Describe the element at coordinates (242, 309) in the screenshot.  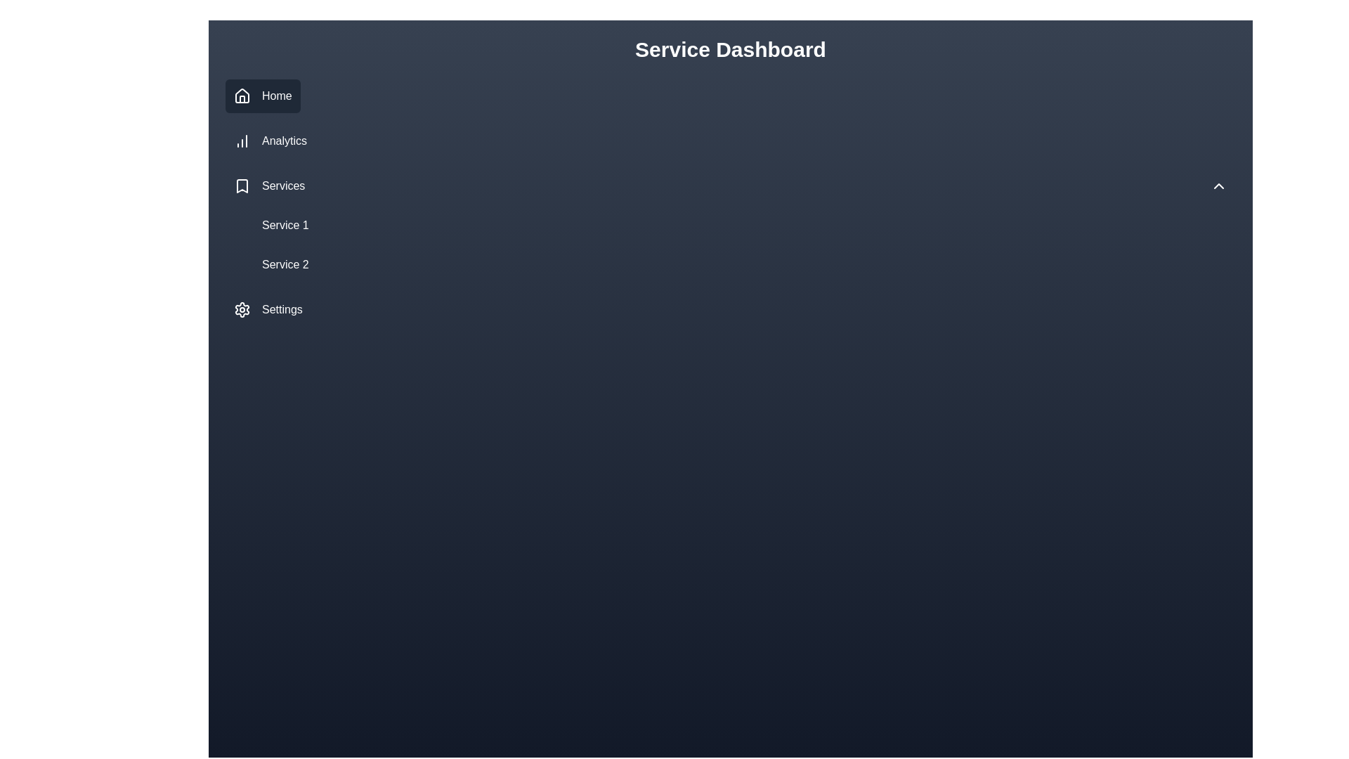
I see `the settings icon located in the side navigation menu adjacent to the text 'Settings'` at that location.